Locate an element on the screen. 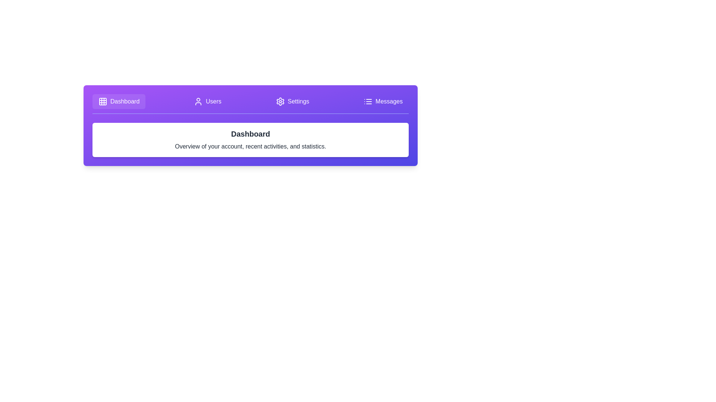  the bold-styled text displaying 'Dashboard', which is prominently positioned in the upper-central area of the content section, above the subtitle 'Overview of your account, recent activities, and statistics' is located at coordinates (251, 133).